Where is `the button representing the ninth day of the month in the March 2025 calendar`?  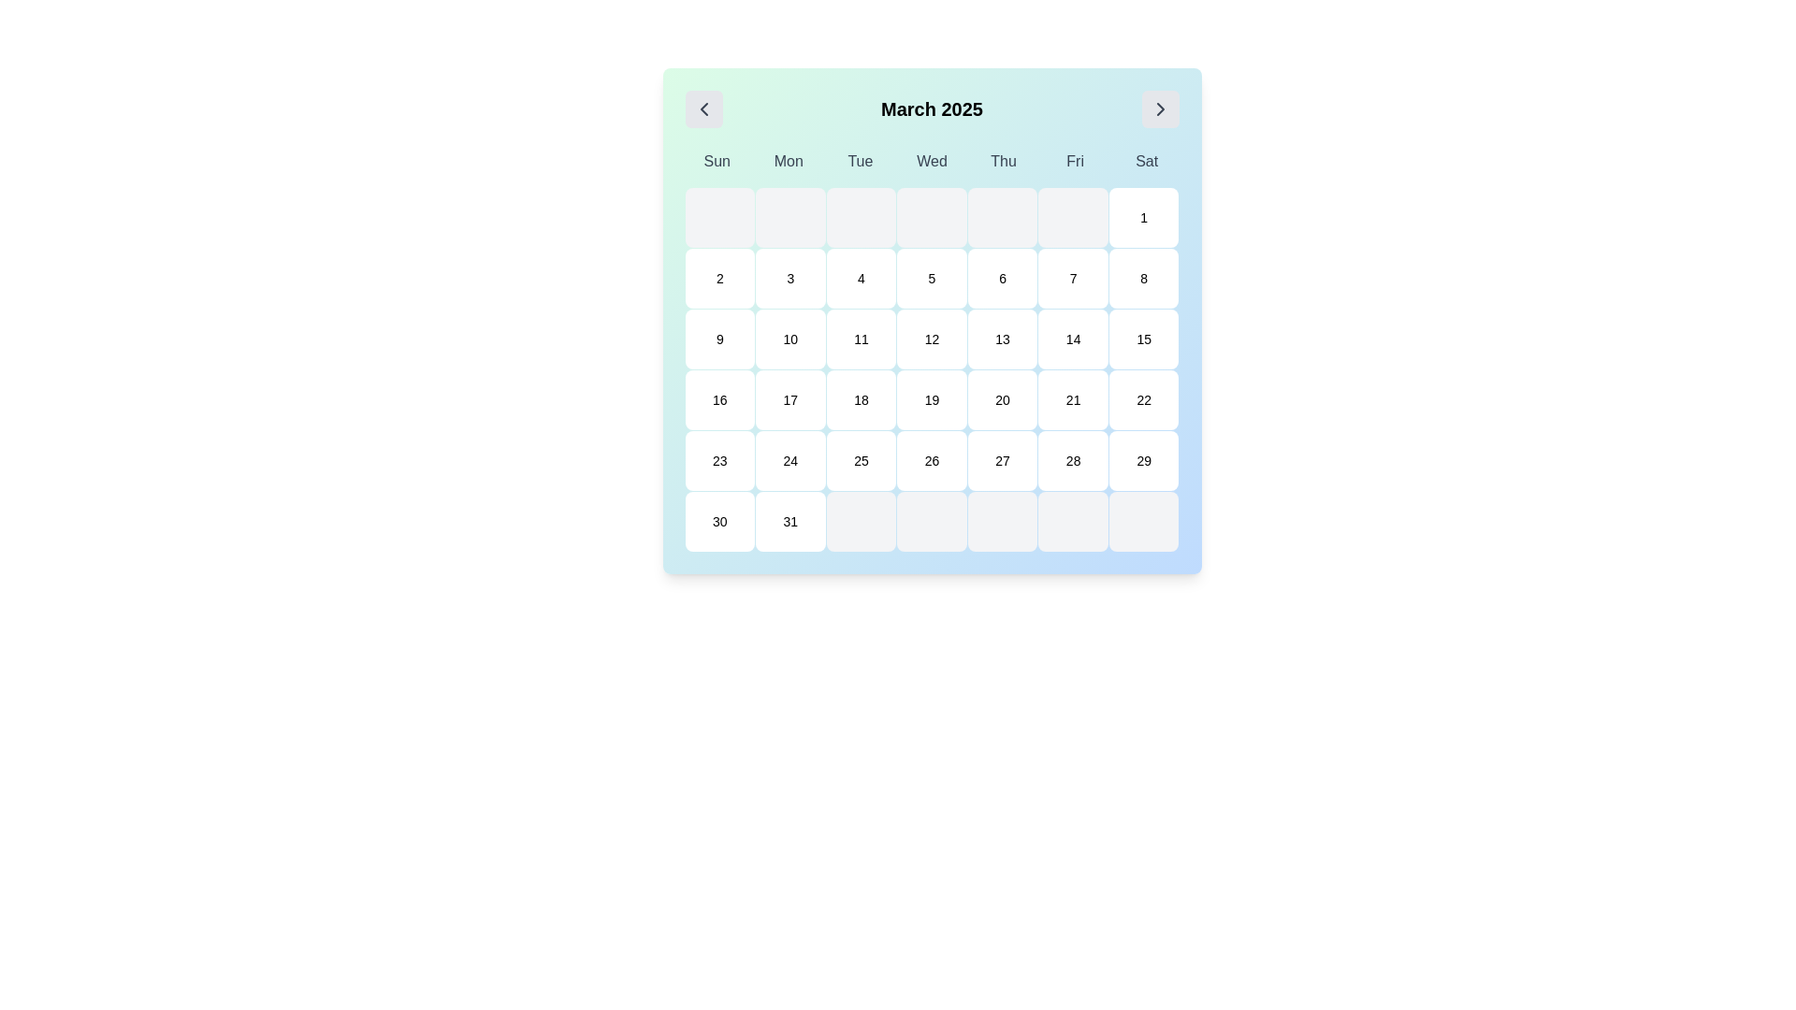 the button representing the ninth day of the month in the March 2025 calendar is located at coordinates (718, 339).